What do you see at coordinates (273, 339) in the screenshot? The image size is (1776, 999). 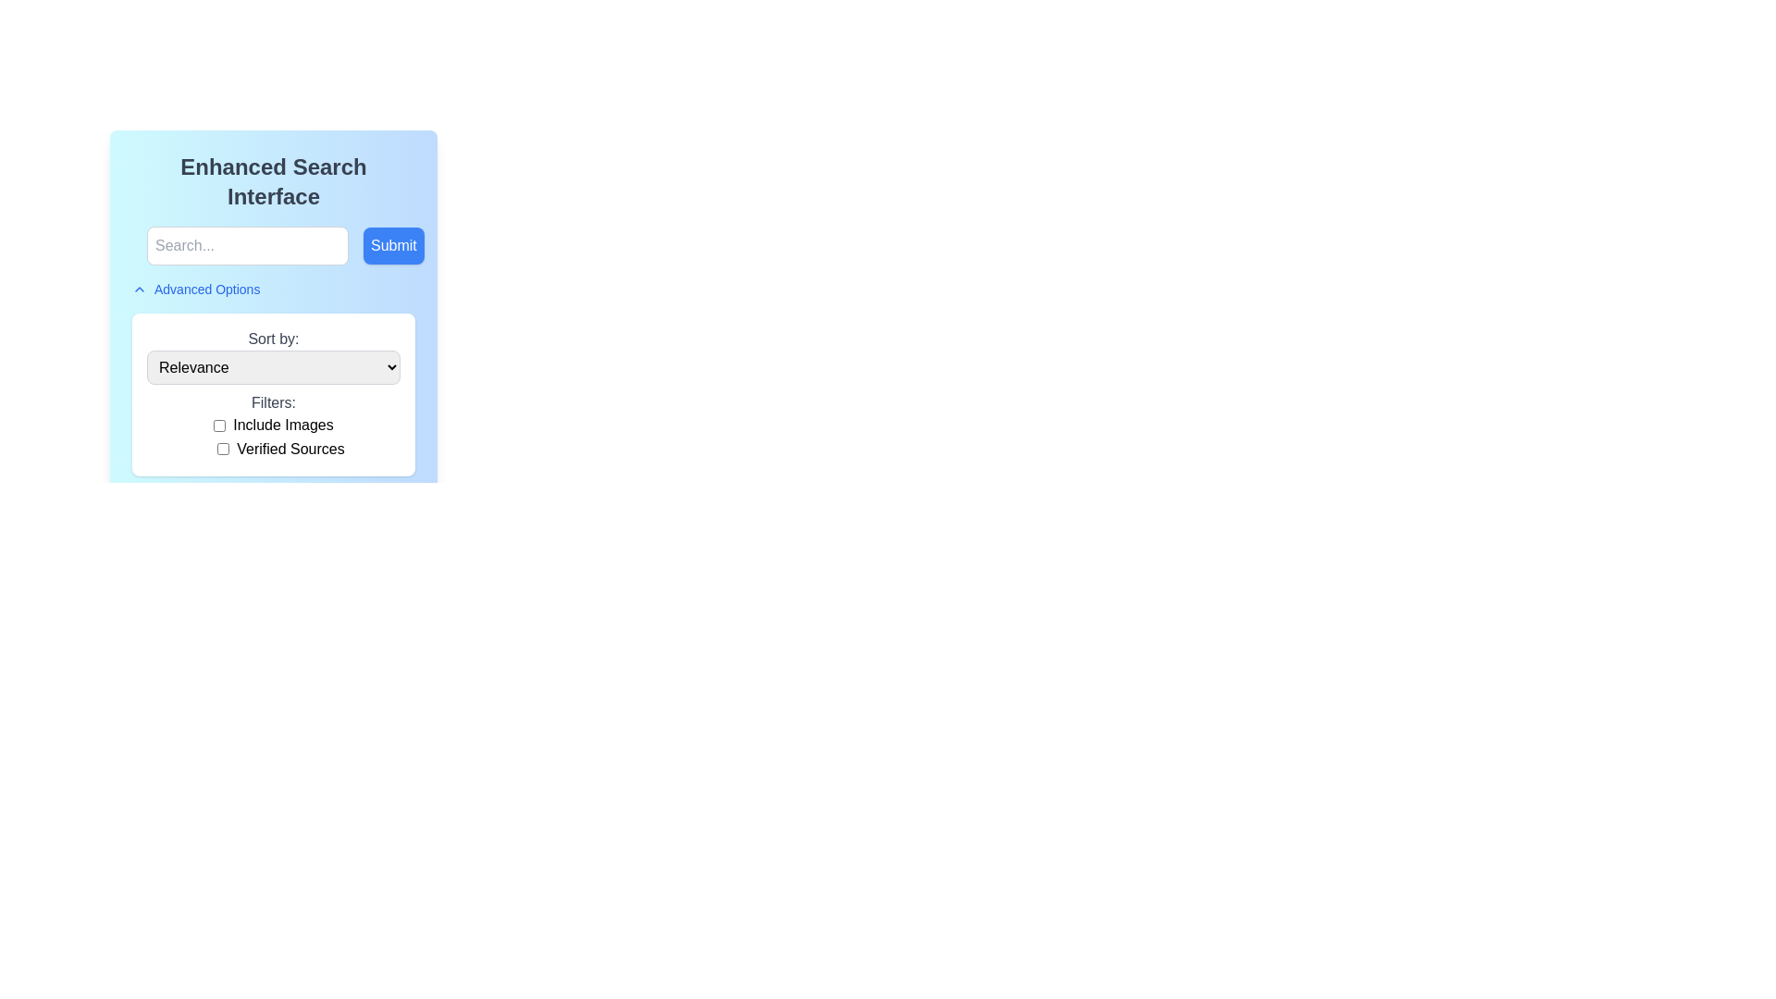 I see `the label that provides context to the dropdown menu for sorting options, located above the 'RelevanceDate' dropdown in the central sorting interface` at bounding box center [273, 339].